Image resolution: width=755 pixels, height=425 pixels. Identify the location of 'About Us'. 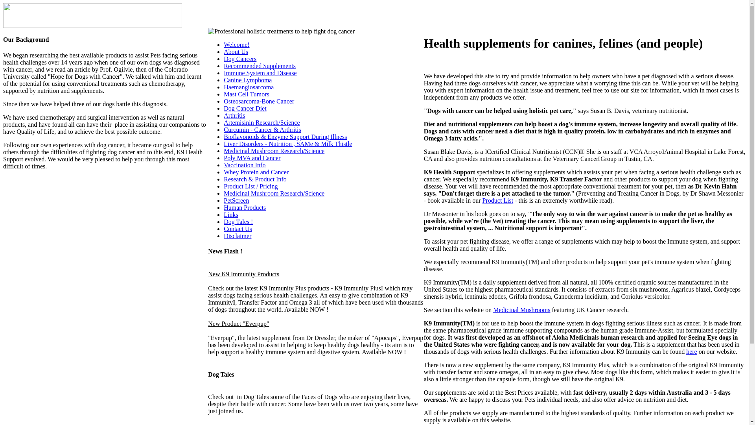
(236, 52).